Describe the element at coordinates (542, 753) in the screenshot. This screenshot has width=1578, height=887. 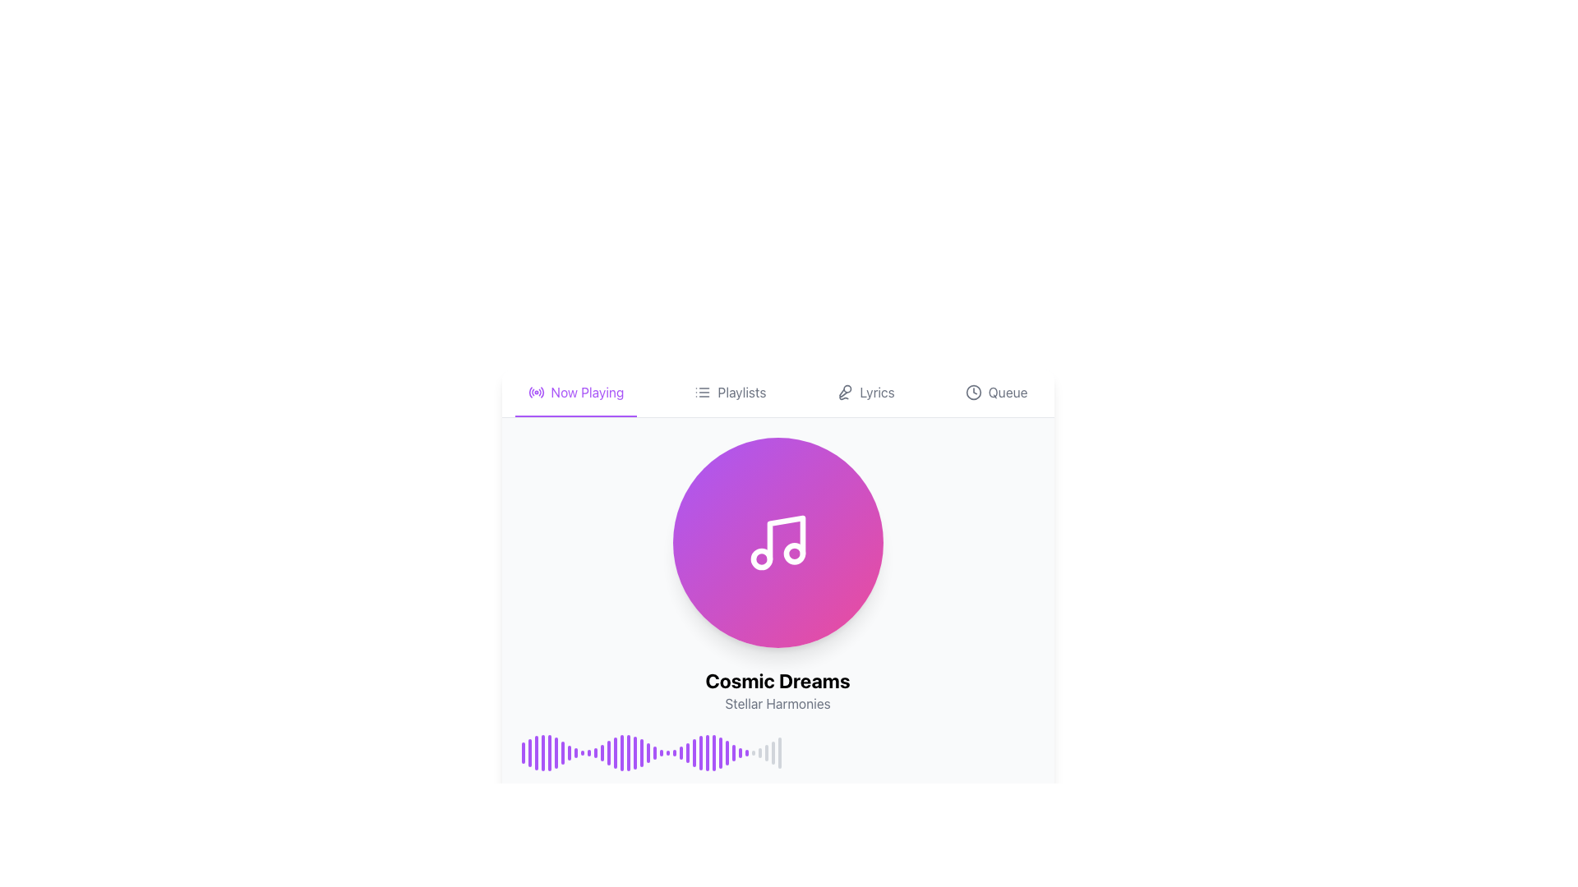
I see `the fourth vertical bar in the waveform visualization, which is styled with a purple gradient and located below the central music album artwork` at that location.